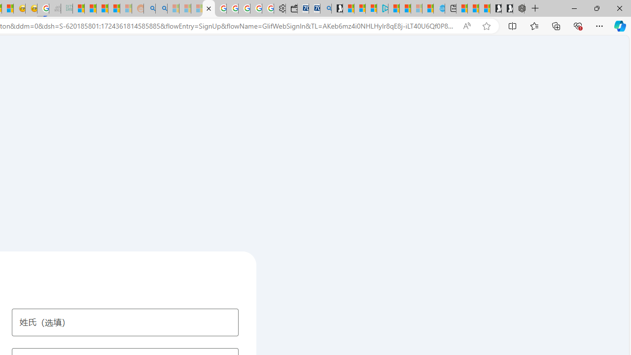 The height and width of the screenshot is (355, 631). What do you see at coordinates (507, 8) in the screenshot?
I see `'Play Free Online Games | Games from Microsoft Start'` at bounding box center [507, 8].